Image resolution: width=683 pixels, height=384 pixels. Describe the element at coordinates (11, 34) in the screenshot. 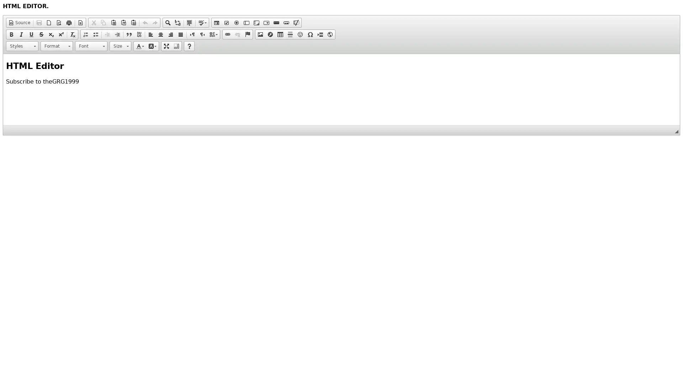

I see `Bold` at that location.